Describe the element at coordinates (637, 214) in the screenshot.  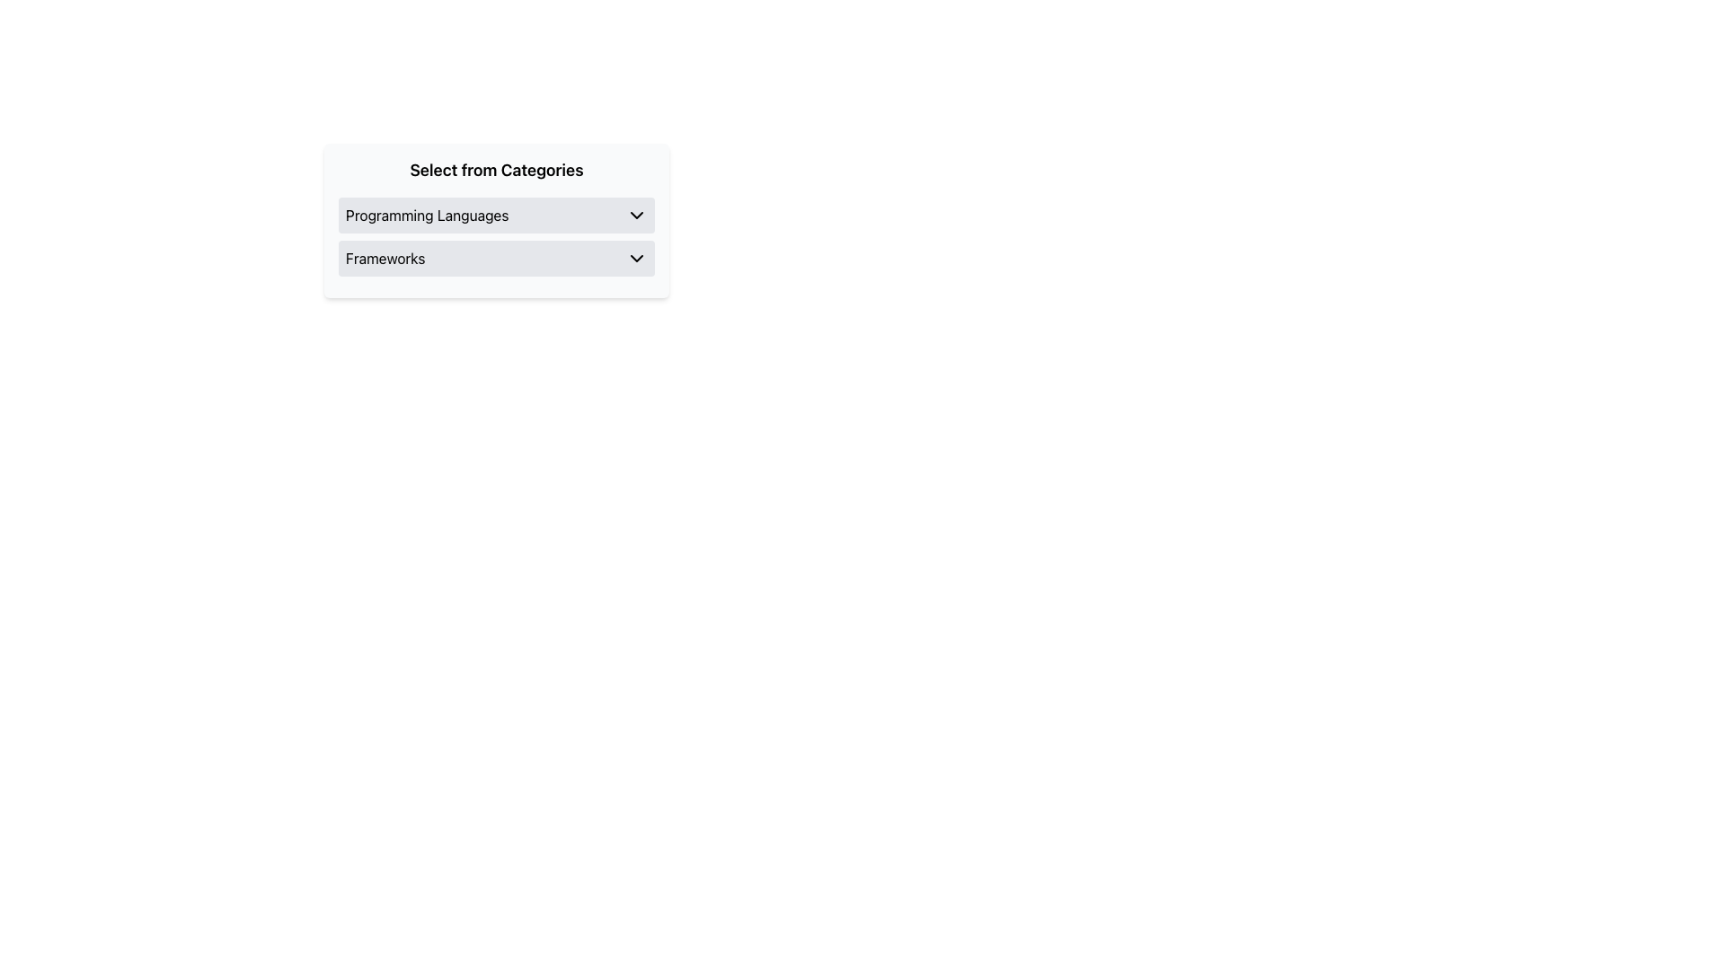
I see `the chevron-down icon button located at the far-right end of the 'Programming Languages' dropdown for additional options` at that location.